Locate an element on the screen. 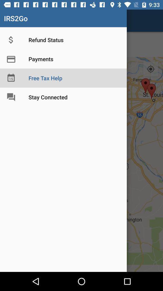 This screenshot has width=163, height=291. the star icon is located at coordinates (23, 43).